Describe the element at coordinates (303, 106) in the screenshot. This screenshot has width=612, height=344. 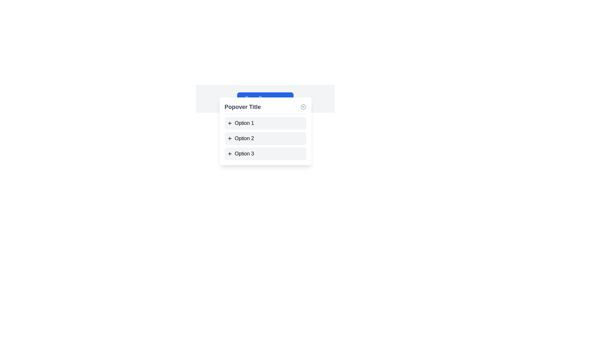
I see `the circular close icon located in the upper-right corner of the popover titled 'Popover Title'` at that location.